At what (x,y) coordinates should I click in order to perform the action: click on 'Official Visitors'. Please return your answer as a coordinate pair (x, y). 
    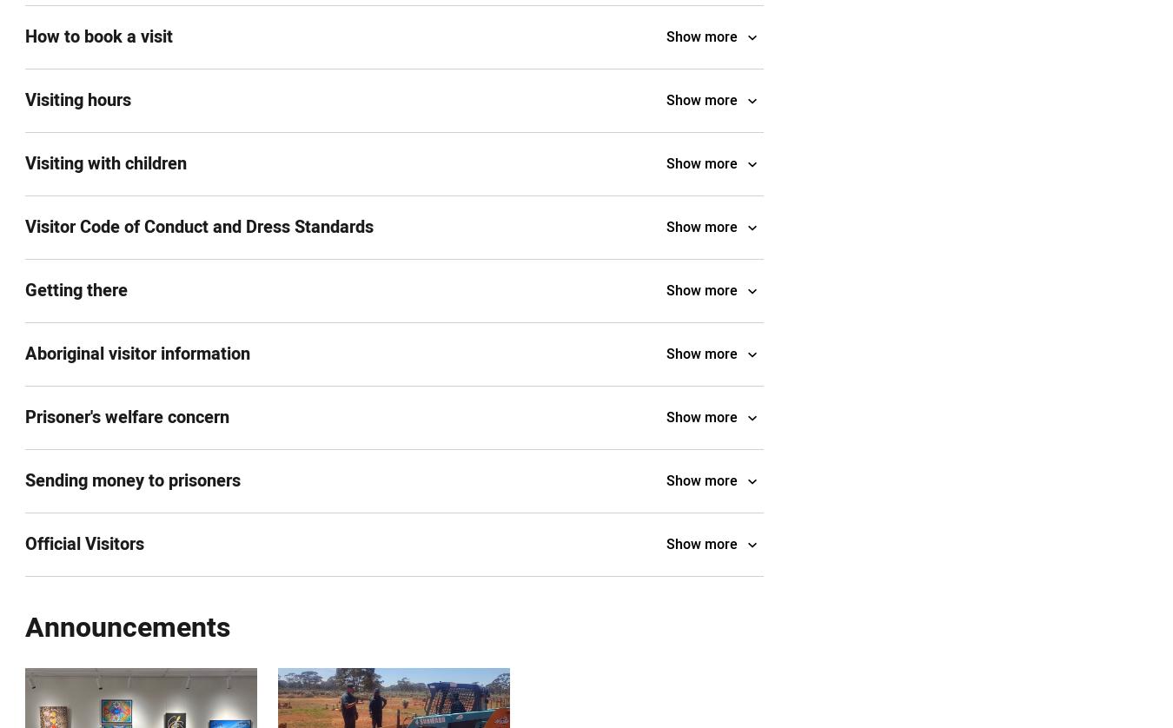
    Looking at the image, I should click on (24, 544).